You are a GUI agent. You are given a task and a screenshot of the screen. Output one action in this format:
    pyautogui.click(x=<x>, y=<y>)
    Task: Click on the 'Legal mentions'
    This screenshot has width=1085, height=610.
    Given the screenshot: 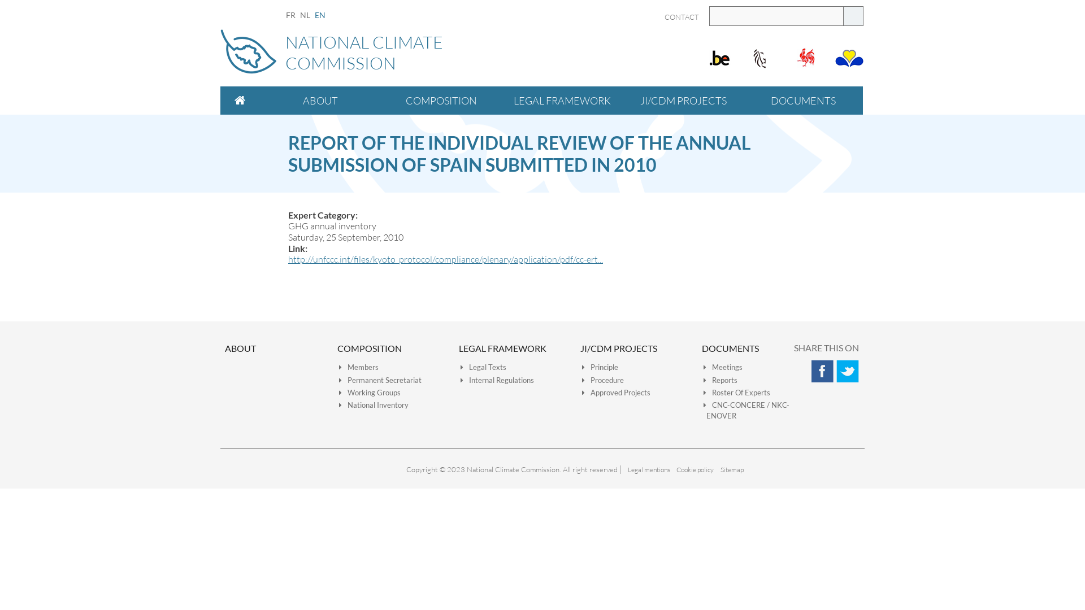 What is the action you would take?
    pyautogui.click(x=648, y=469)
    